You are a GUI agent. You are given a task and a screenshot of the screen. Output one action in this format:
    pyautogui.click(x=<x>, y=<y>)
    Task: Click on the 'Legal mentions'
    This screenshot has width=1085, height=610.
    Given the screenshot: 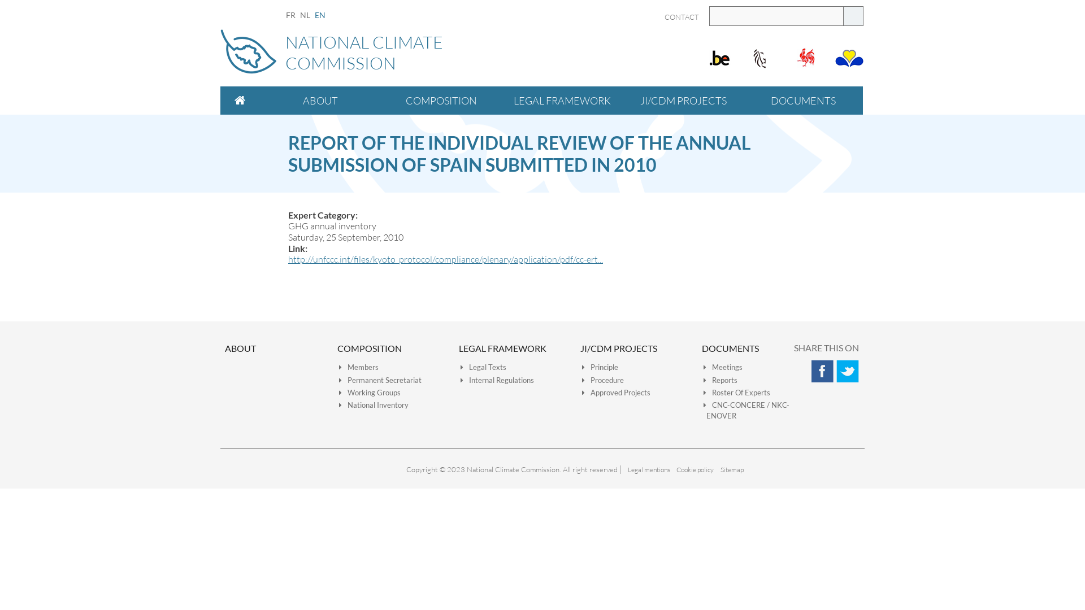 What is the action you would take?
    pyautogui.click(x=648, y=469)
    